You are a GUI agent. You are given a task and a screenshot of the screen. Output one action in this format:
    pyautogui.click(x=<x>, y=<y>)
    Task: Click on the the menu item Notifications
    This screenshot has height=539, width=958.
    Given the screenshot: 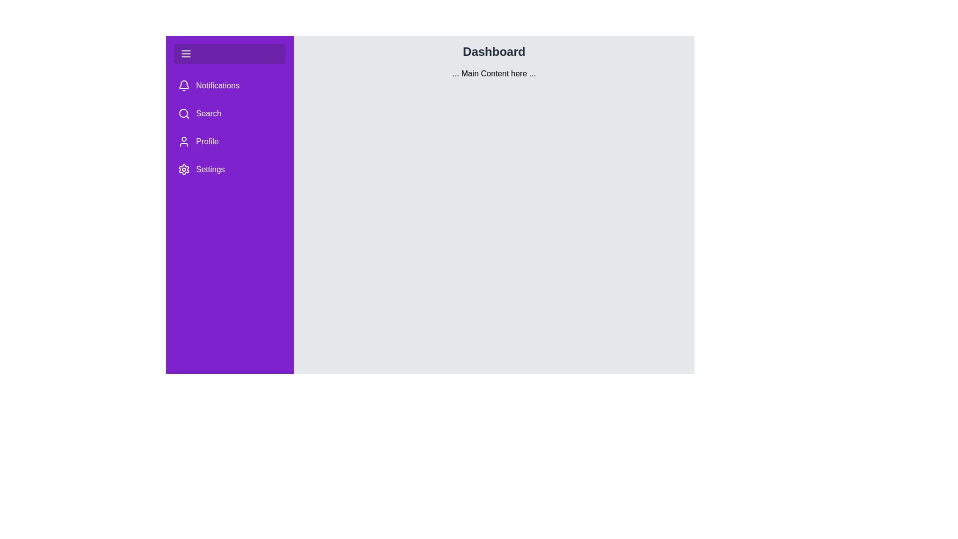 What is the action you would take?
    pyautogui.click(x=229, y=85)
    